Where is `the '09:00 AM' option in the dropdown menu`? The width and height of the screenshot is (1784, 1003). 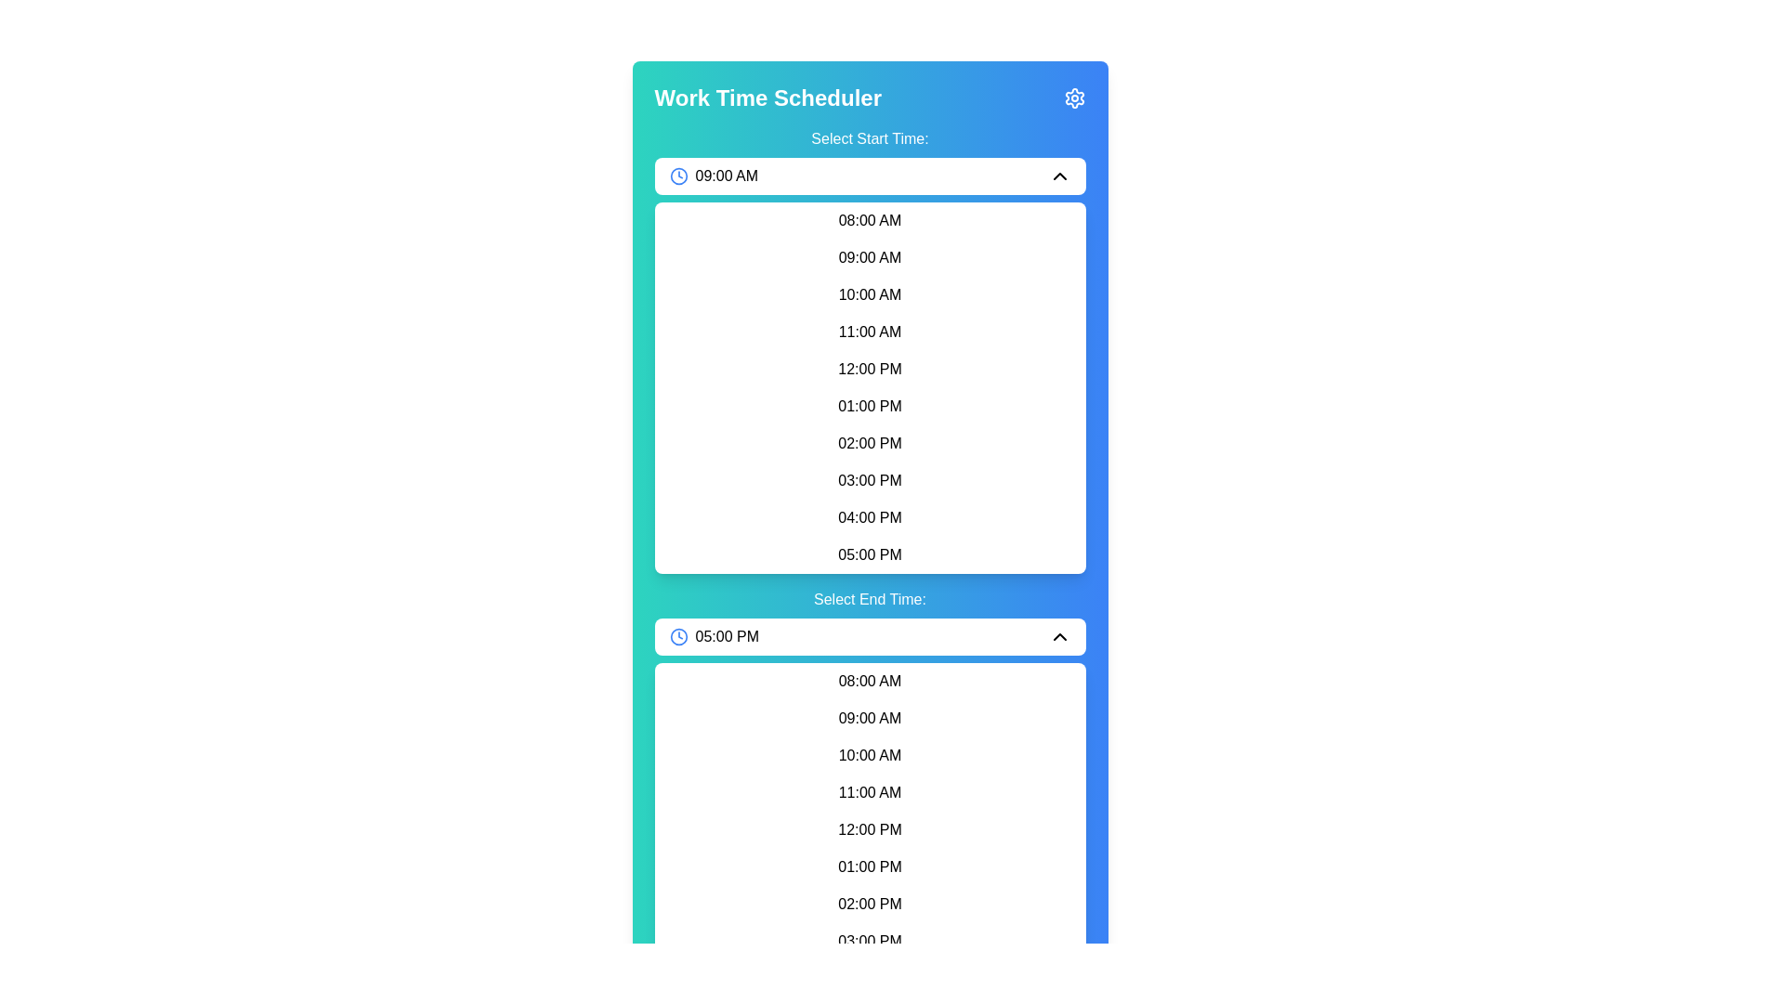 the '09:00 AM' option in the dropdown menu is located at coordinates (869, 257).